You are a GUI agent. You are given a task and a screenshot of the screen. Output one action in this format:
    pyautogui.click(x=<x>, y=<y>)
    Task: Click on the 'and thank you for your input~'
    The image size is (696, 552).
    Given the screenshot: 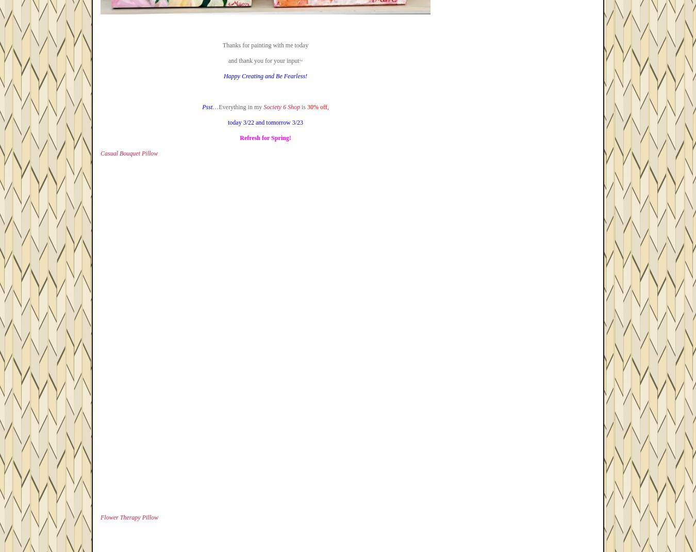 What is the action you would take?
    pyautogui.click(x=264, y=61)
    